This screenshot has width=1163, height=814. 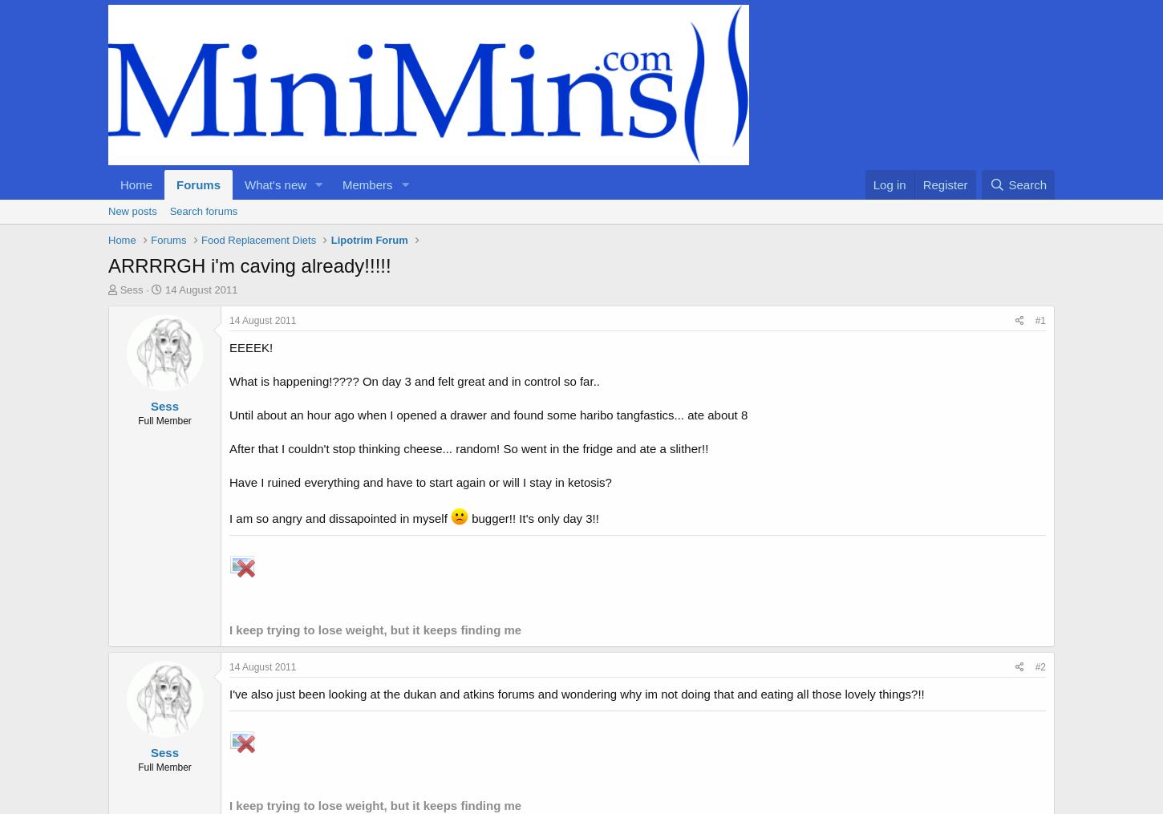 I want to click on '#2', so click(x=1040, y=666).